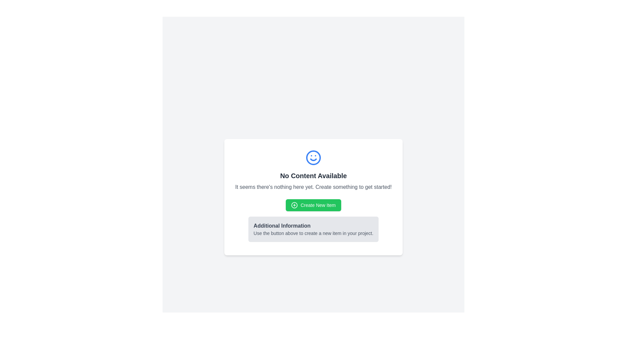 This screenshot has width=641, height=361. What do you see at coordinates (294, 205) in the screenshot?
I see `the '+' icon button which contains the circular graphical component for creating a new item` at bounding box center [294, 205].